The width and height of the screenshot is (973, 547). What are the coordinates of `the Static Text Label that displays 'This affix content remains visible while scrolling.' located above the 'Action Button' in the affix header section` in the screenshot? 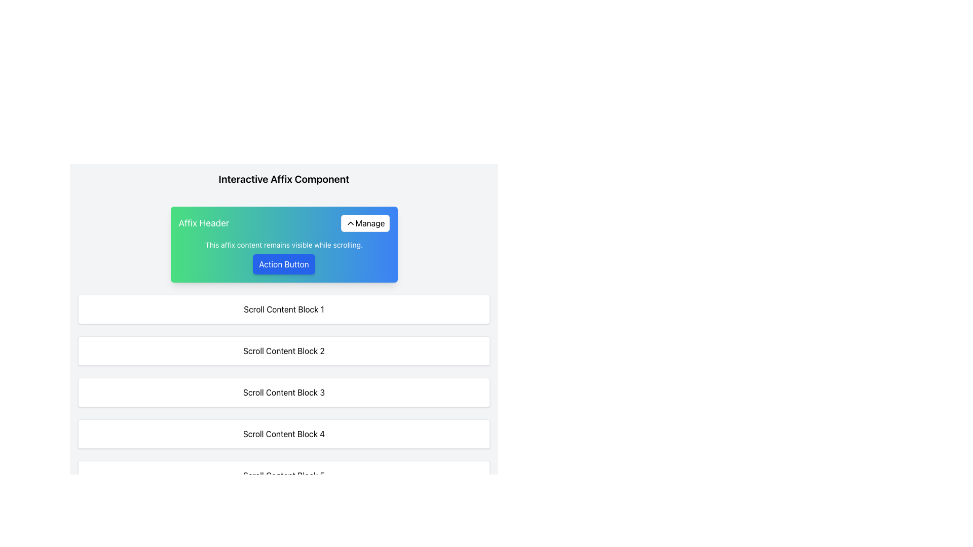 It's located at (284, 245).